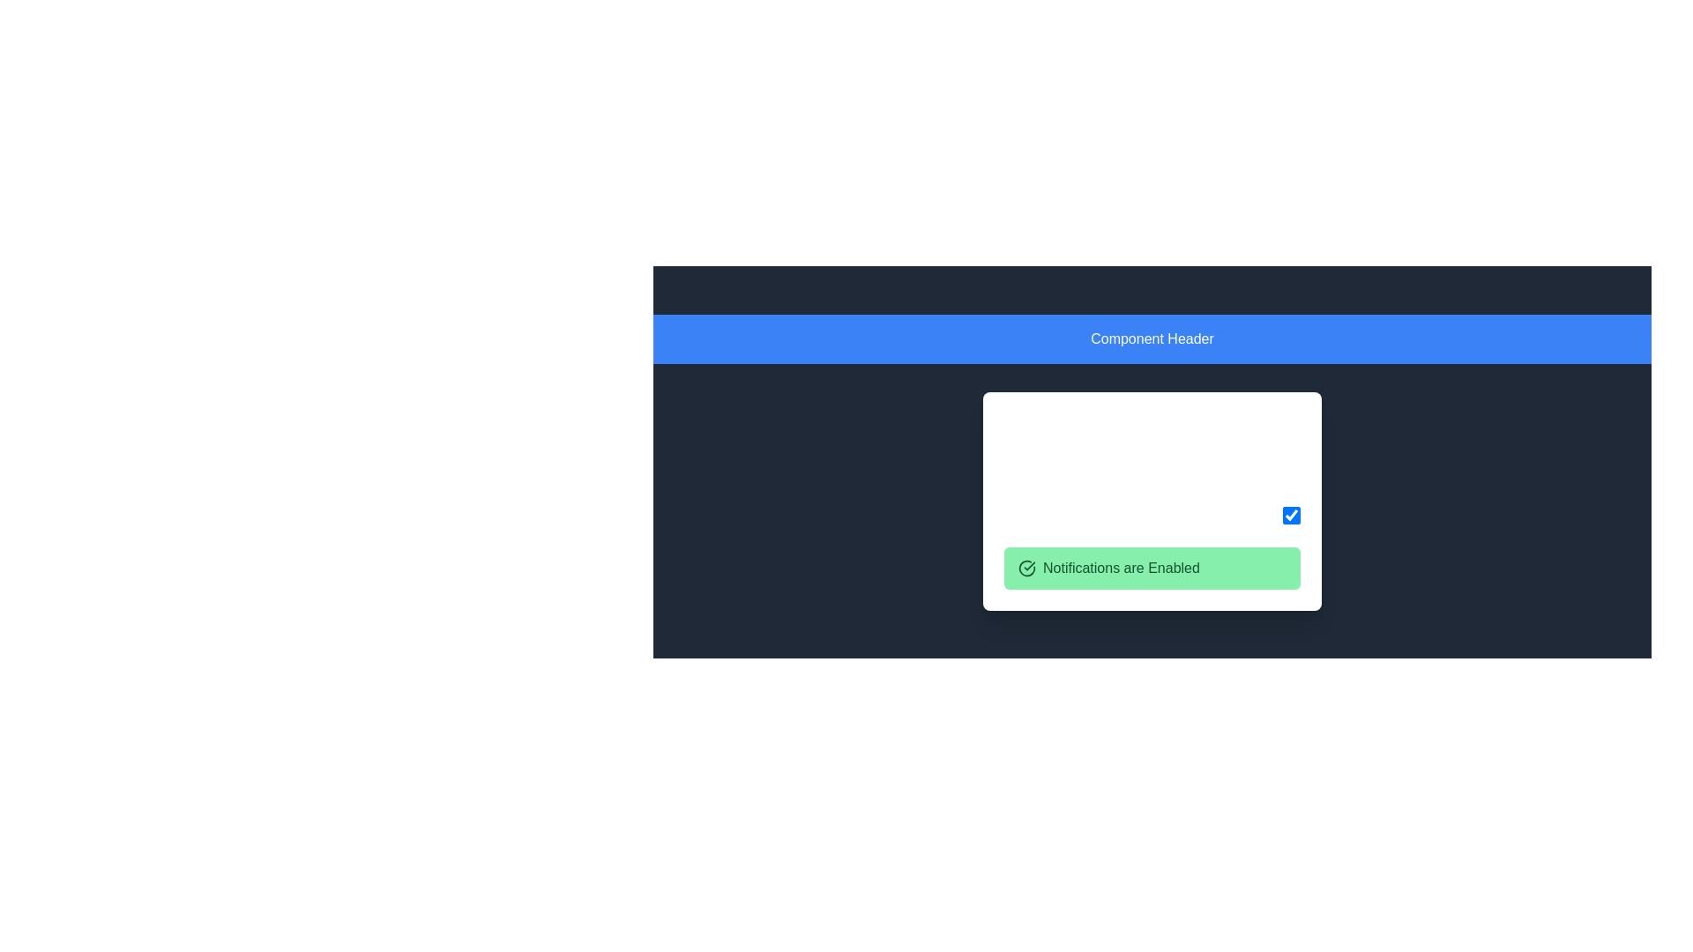 The image size is (1693, 952). I want to click on the text label that reads 'Notifications are Enabled', which is styled in bold and has a light green background with rounded corners, so click(1121, 568).